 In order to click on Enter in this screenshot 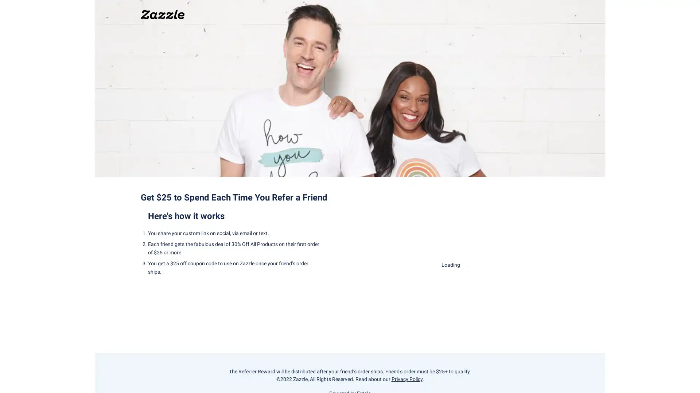, I will do `click(454, 287)`.